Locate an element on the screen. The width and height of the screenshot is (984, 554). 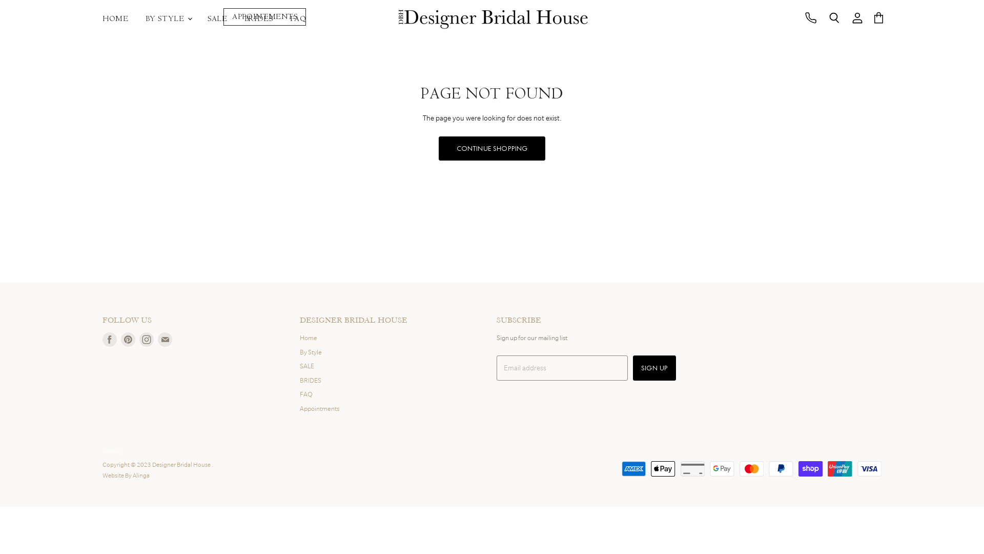
'BRIDES' is located at coordinates (236, 18).